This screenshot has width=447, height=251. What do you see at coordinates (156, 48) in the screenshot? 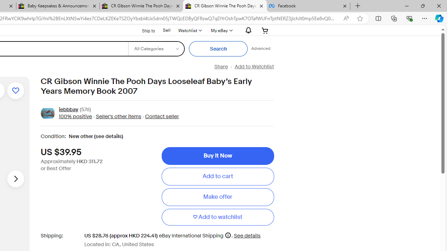
I see `'Select a category for search'` at bounding box center [156, 48].